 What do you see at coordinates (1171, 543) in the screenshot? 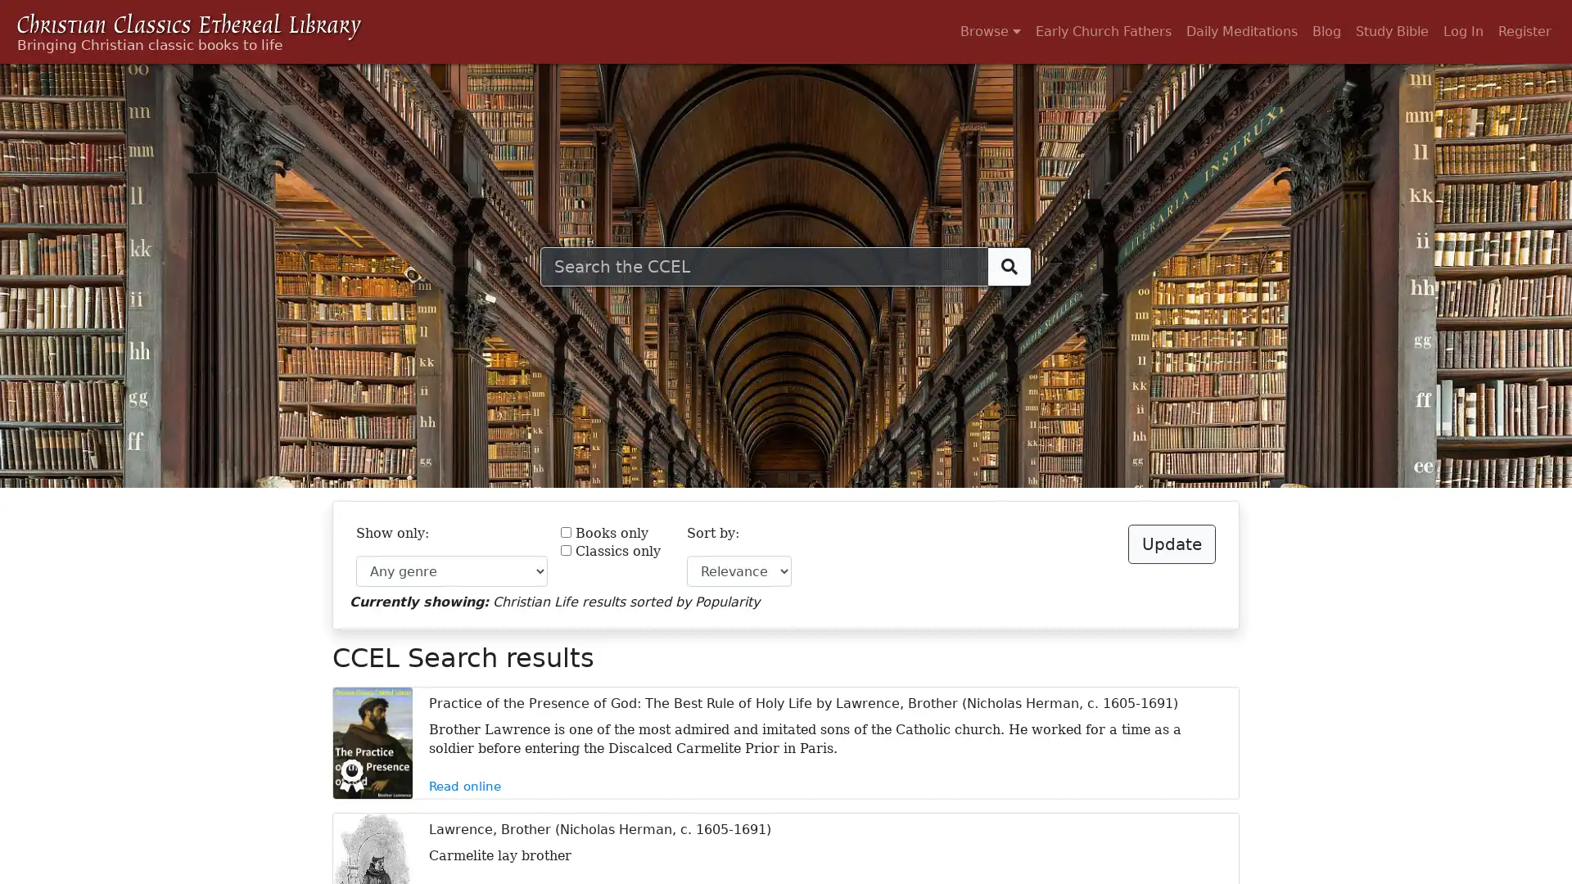
I see `Update` at bounding box center [1171, 543].